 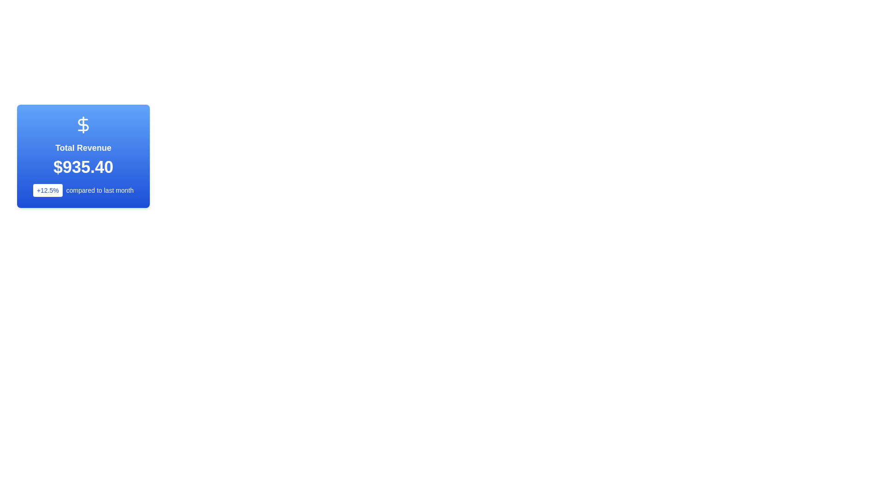 I want to click on the stylized dollar sign icon, which is rendered in white and located at the top center of the dashboard card with a gradient blue background, so click(x=83, y=125).